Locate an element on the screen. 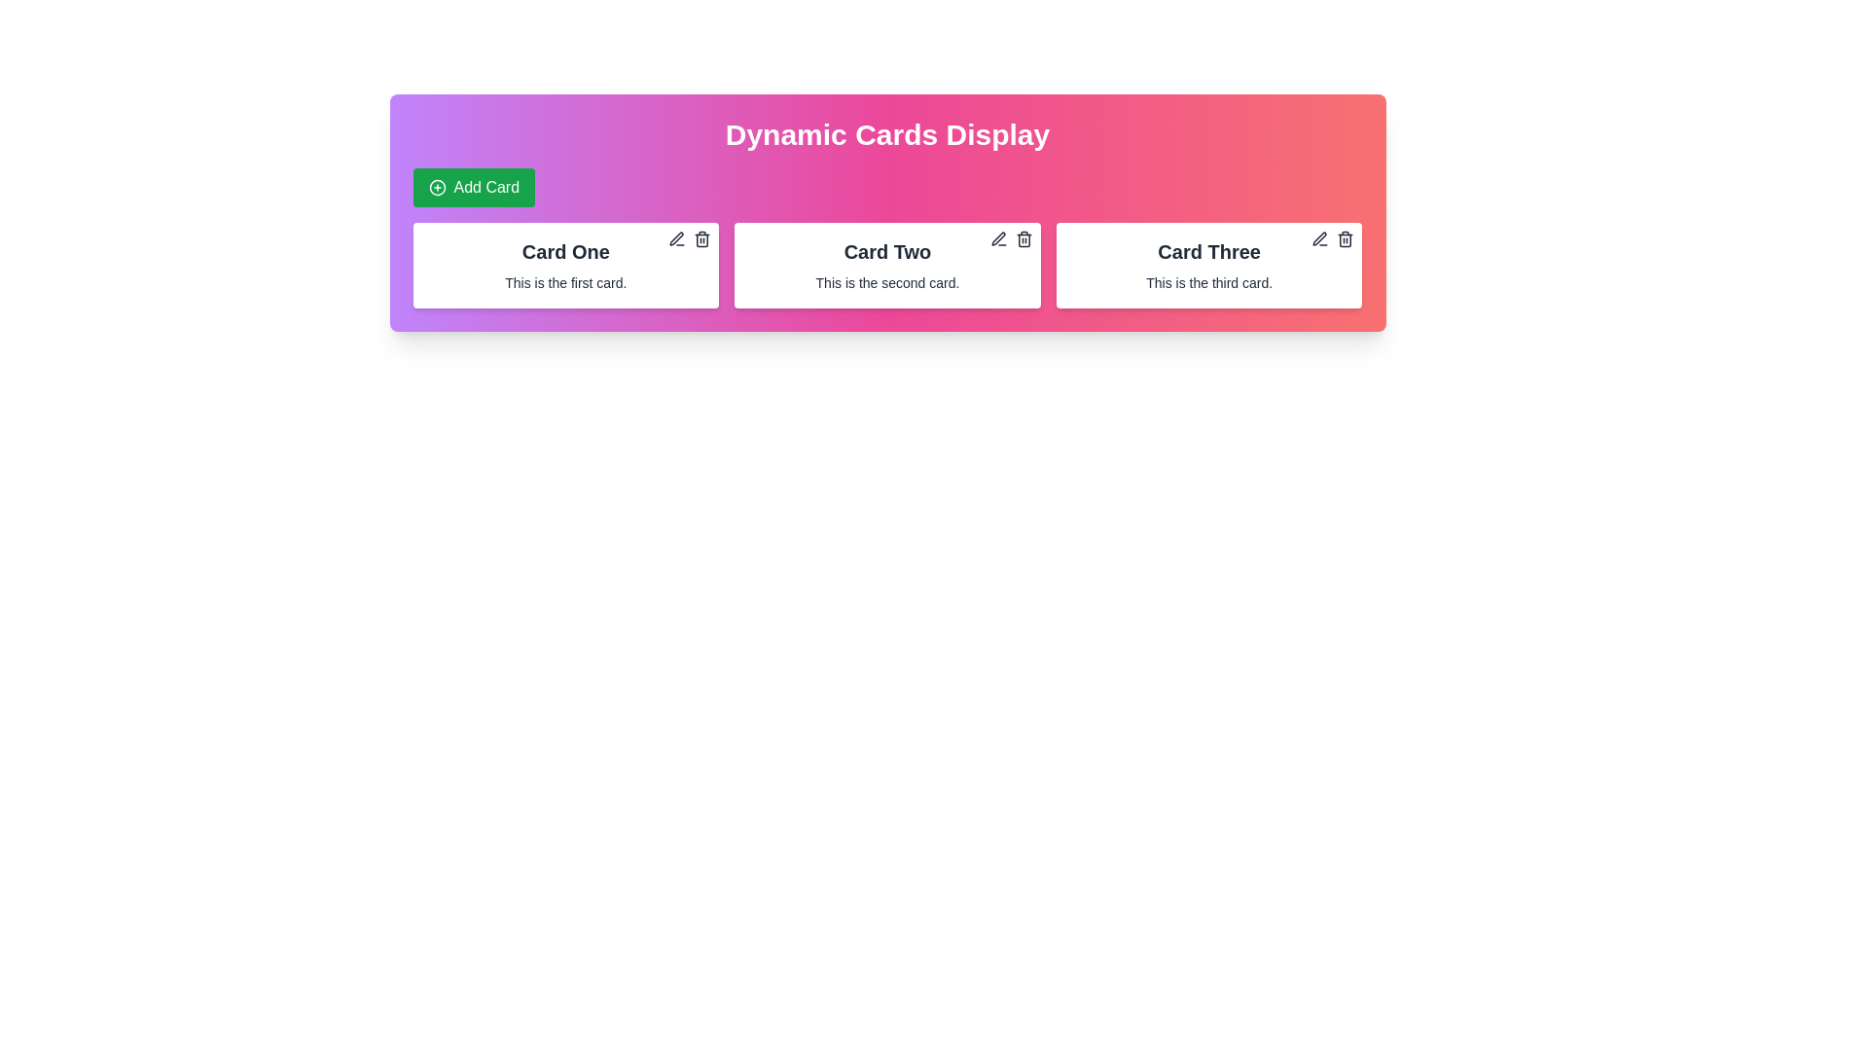  the icon button located in the top-right corner of 'Card Three' to initiate editing of the card's contents is located at coordinates (1320, 237).